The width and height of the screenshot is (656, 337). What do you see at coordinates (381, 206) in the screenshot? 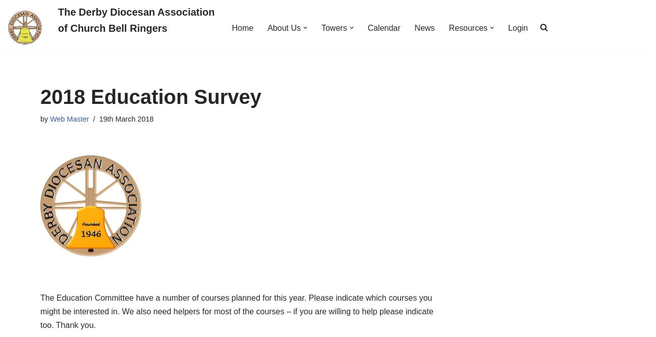
I see `'Southern'` at bounding box center [381, 206].